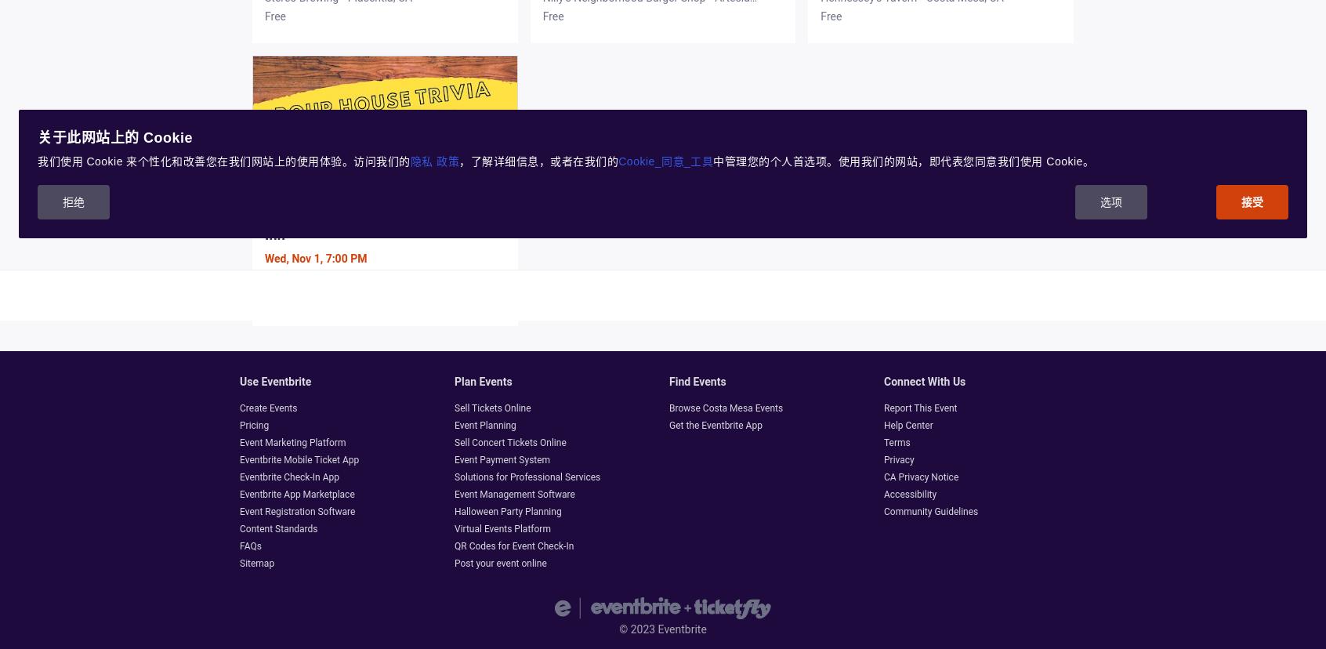  I want to click on 'Eventbrite', so click(655, 628).